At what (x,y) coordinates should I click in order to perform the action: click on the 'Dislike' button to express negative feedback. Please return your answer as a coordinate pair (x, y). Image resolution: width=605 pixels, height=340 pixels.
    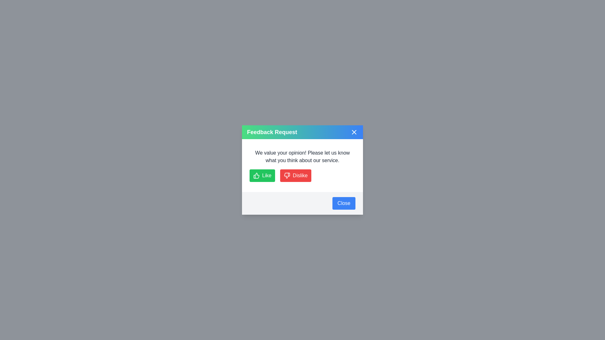
    Looking at the image, I should click on (295, 176).